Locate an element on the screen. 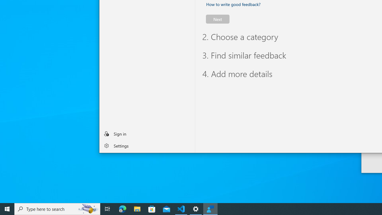  'Start' is located at coordinates (7, 208).